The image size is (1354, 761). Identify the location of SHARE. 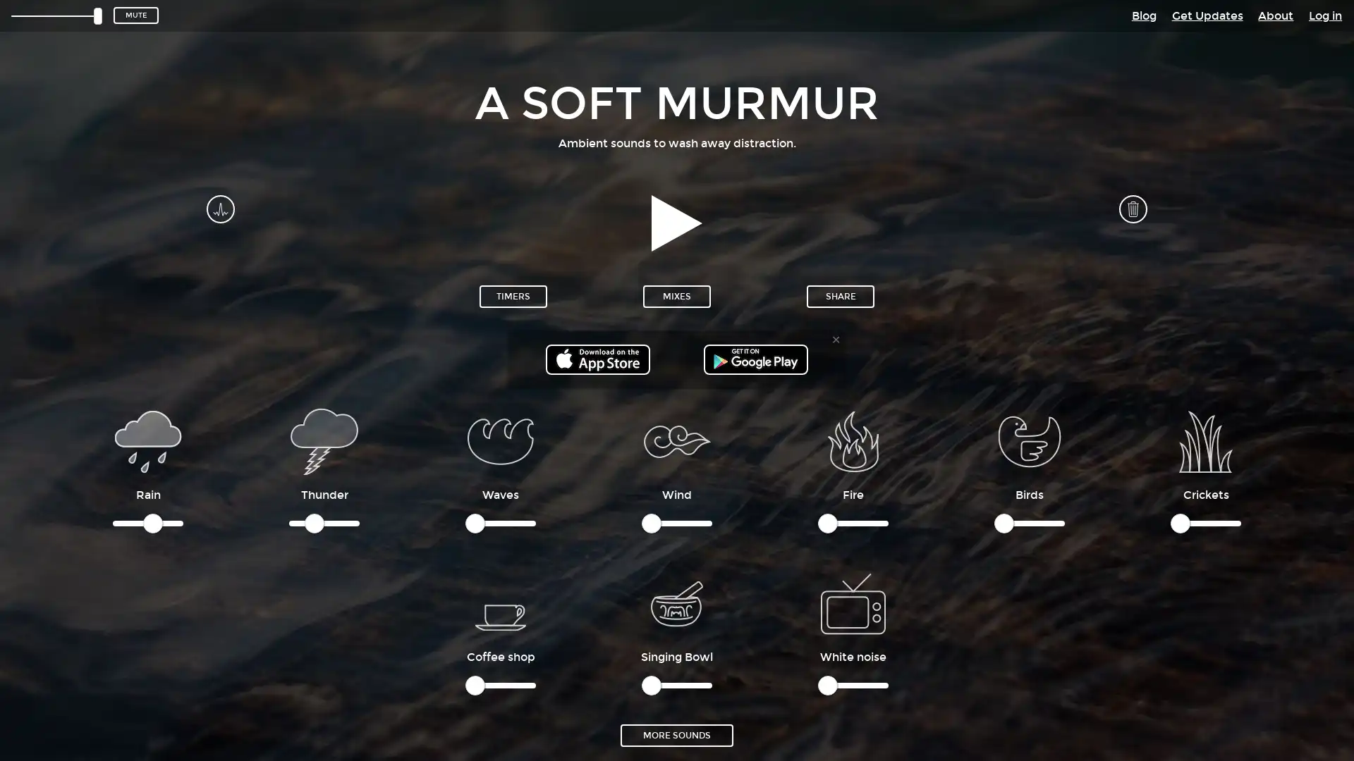
(840, 295).